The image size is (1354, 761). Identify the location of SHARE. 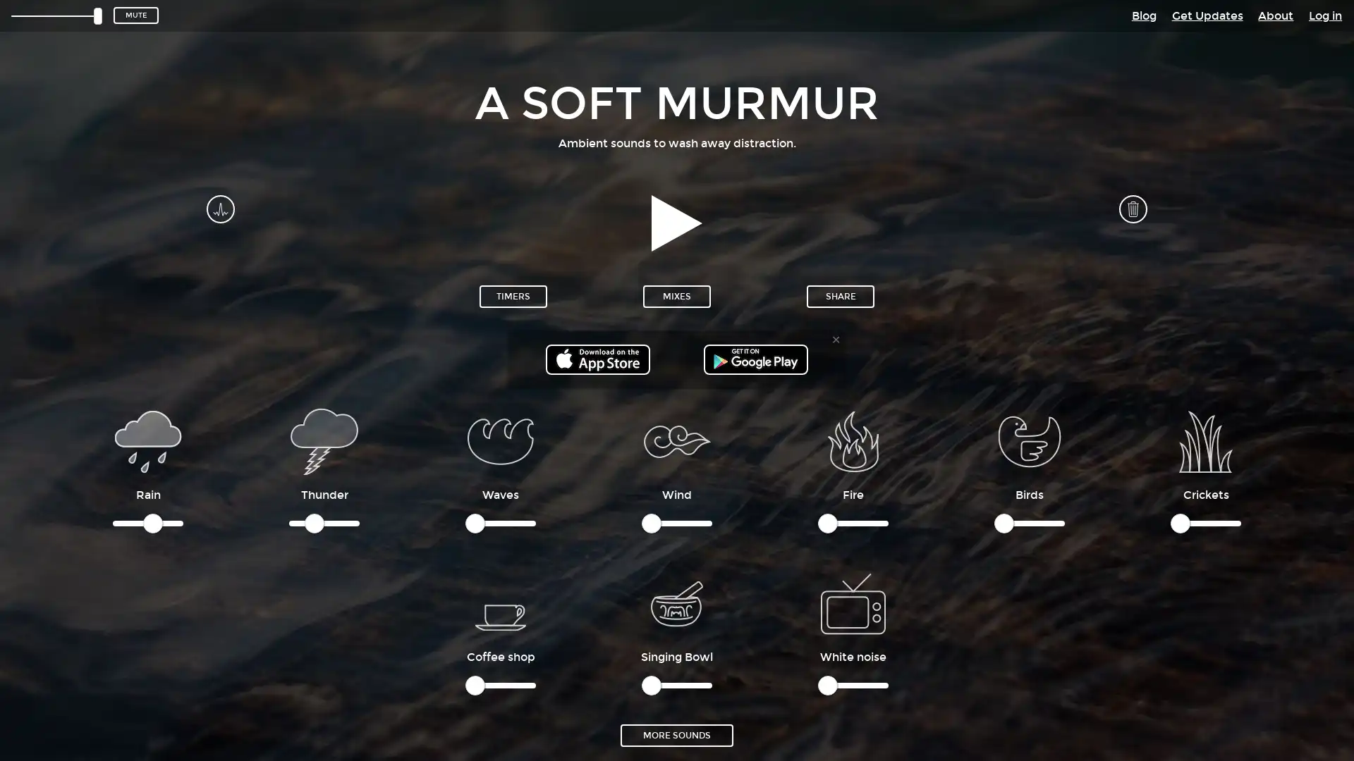
(840, 295).